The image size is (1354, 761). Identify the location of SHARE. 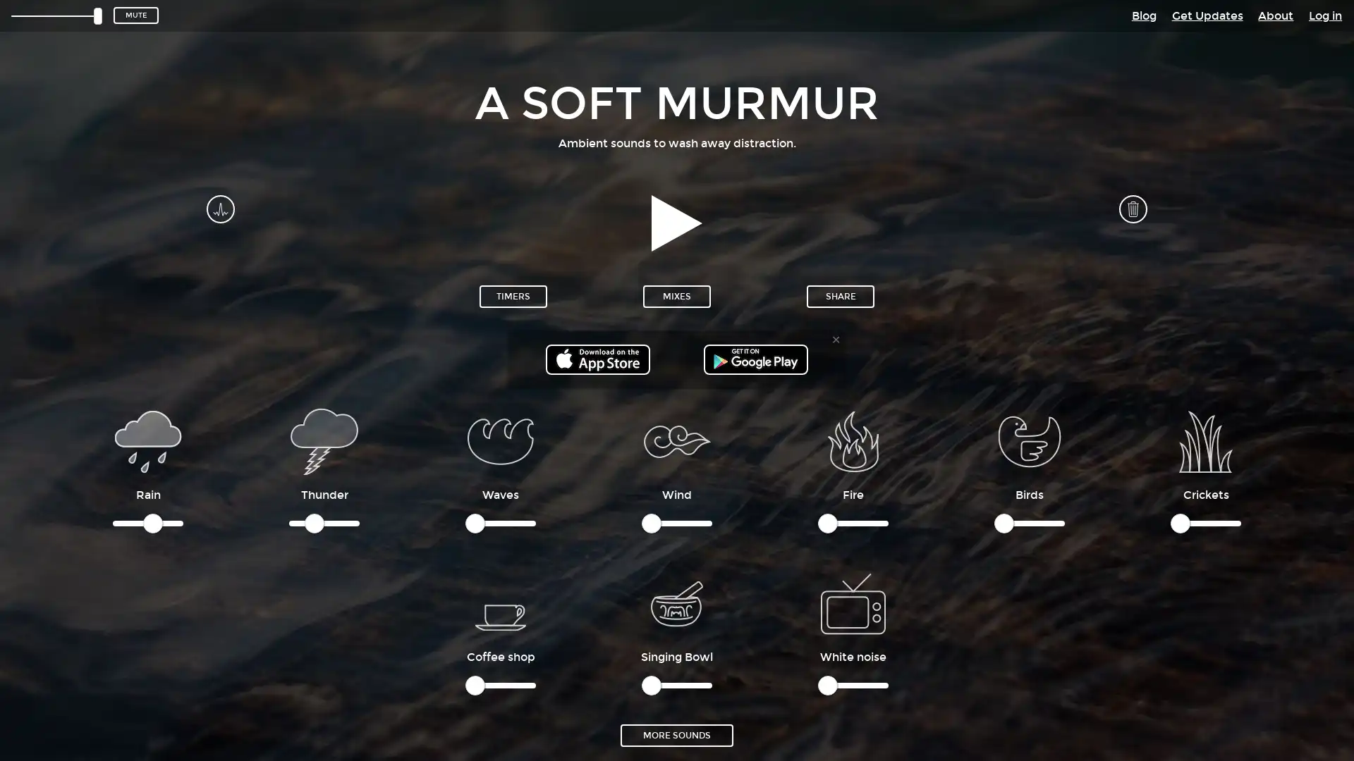
(840, 295).